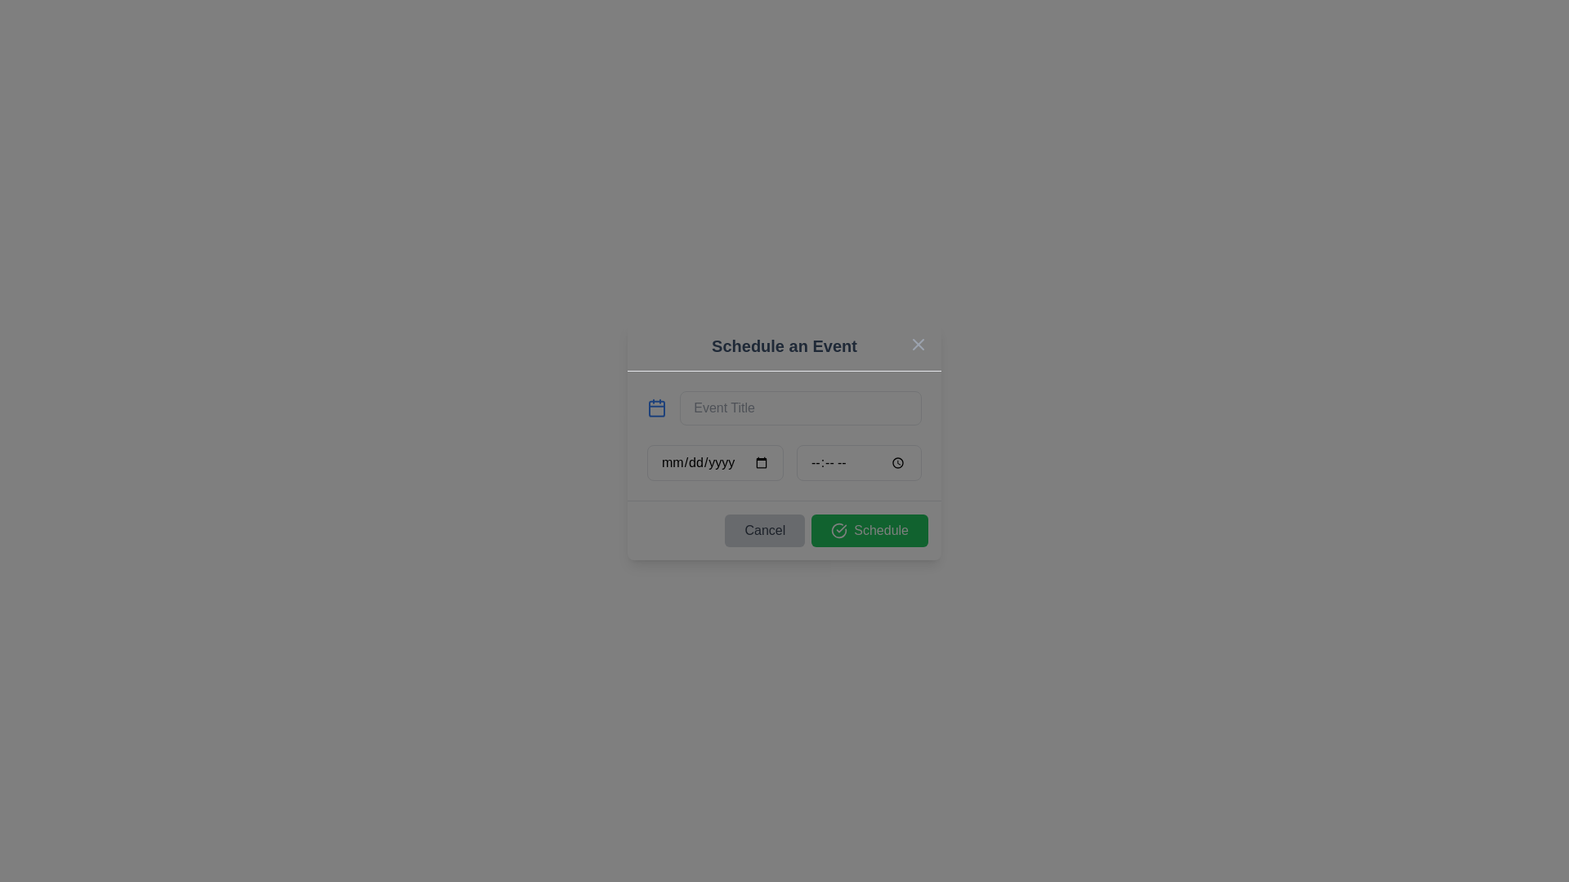  What do you see at coordinates (657, 408) in the screenshot?
I see `the decorative calendar icon located in the upper left section of the 'Schedule an Event' modal dialog, which suggests it may denote a selectable or informative area` at bounding box center [657, 408].